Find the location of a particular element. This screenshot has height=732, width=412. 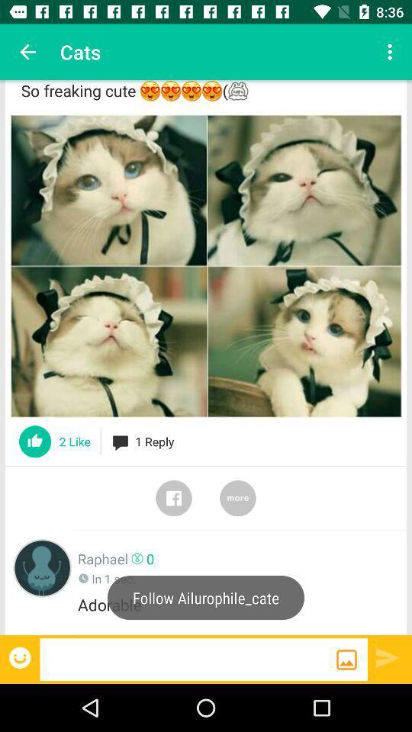

icon to the left of cats icon is located at coordinates (27, 52).